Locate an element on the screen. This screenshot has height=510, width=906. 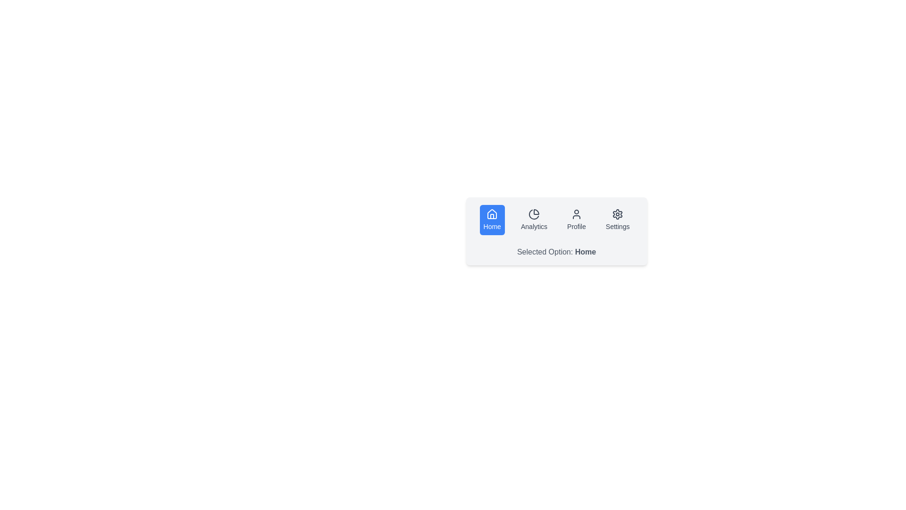
the 'Analytics' text label, which is a small gray text aligned centrally below a pie chart icon is located at coordinates (534, 226).